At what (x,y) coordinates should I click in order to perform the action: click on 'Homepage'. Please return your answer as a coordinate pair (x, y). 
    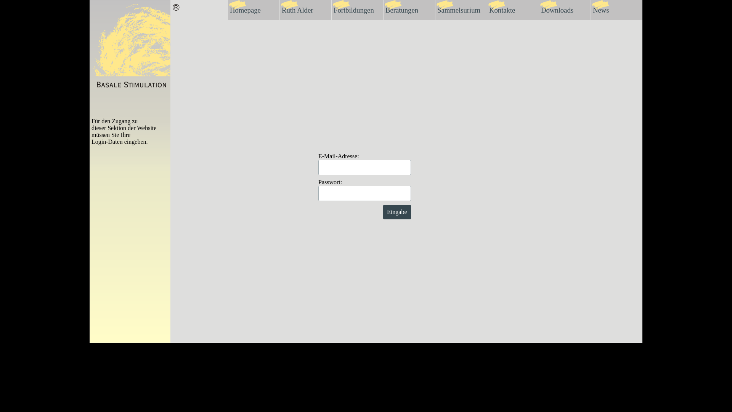
    Looking at the image, I should click on (254, 10).